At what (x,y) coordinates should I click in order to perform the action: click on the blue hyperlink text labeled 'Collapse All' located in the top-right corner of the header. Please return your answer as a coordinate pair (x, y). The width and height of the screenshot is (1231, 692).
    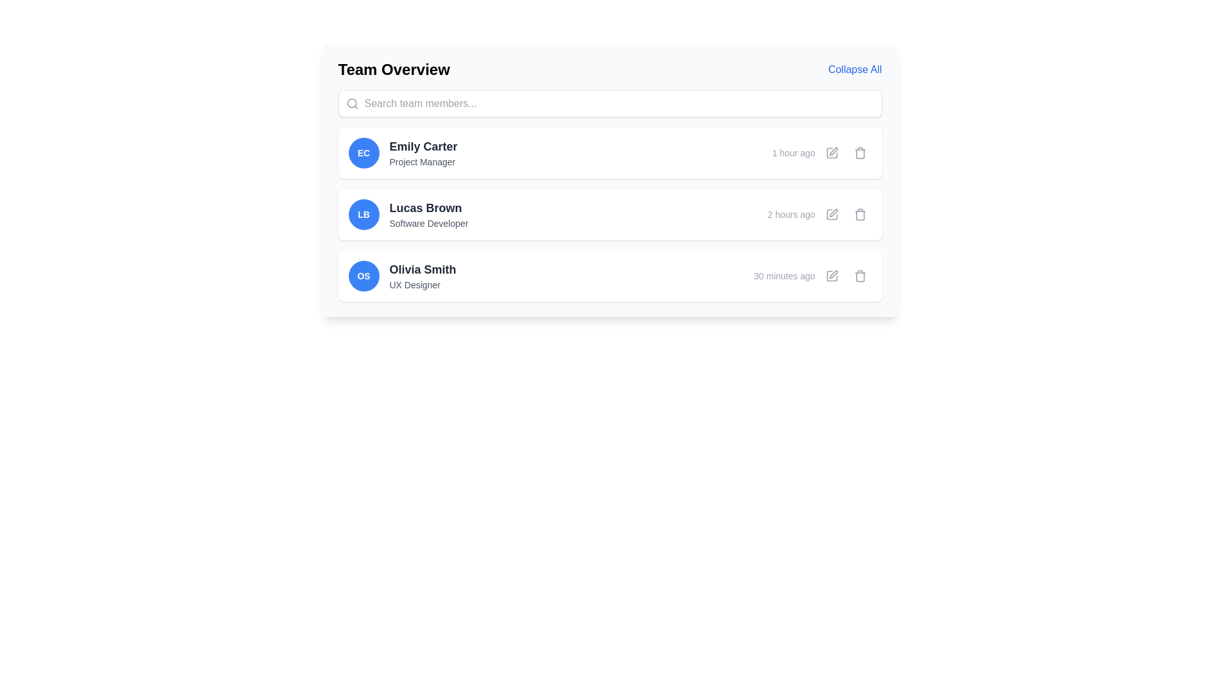
    Looking at the image, I should click on (855, 69).